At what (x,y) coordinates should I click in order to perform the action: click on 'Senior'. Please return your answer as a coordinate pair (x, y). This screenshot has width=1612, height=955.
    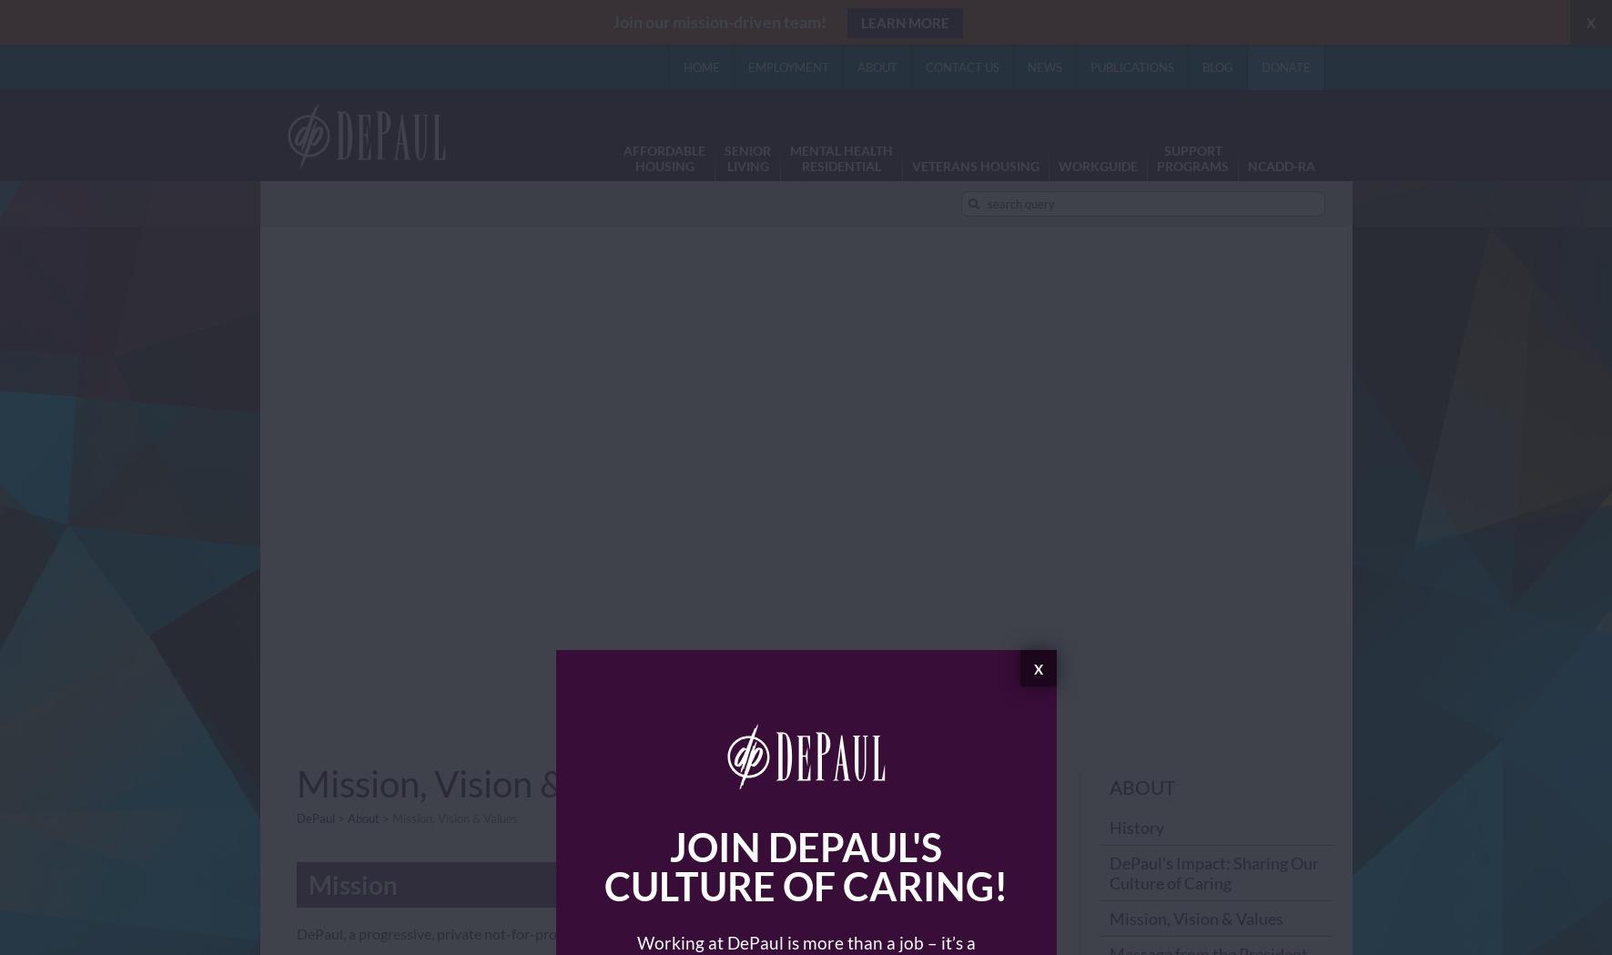
    Looking at the image, I should click on (746, 149).